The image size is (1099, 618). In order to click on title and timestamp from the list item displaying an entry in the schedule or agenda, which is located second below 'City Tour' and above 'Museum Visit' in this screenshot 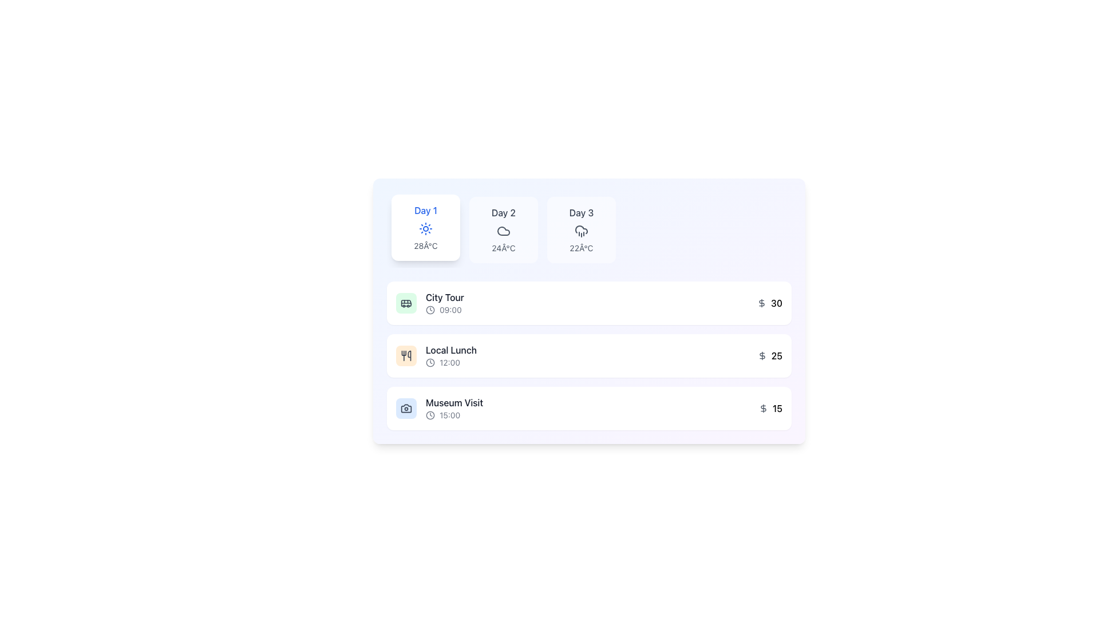, I will do `click(436, 355)`.